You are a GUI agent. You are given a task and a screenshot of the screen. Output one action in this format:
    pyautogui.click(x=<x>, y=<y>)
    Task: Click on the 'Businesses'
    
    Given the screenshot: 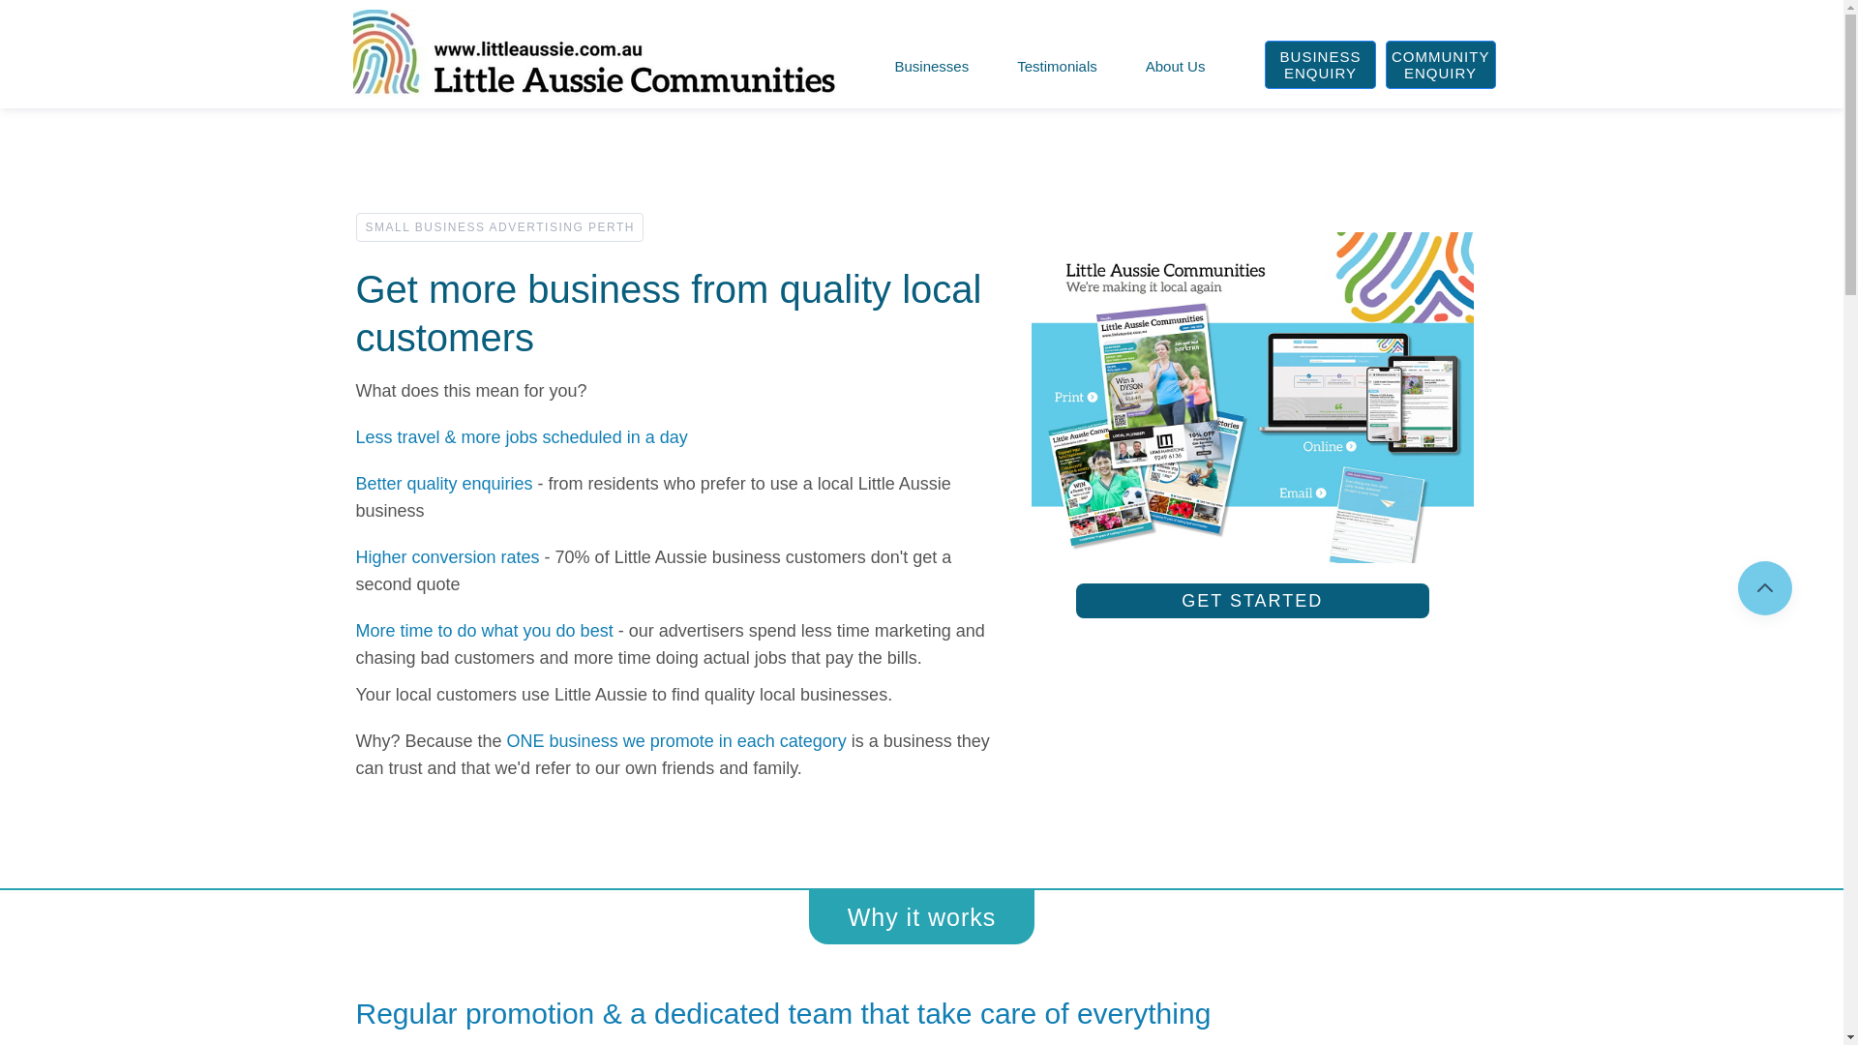 What is the action you would take?
    pyautogui.click(x=932, y=66)
    